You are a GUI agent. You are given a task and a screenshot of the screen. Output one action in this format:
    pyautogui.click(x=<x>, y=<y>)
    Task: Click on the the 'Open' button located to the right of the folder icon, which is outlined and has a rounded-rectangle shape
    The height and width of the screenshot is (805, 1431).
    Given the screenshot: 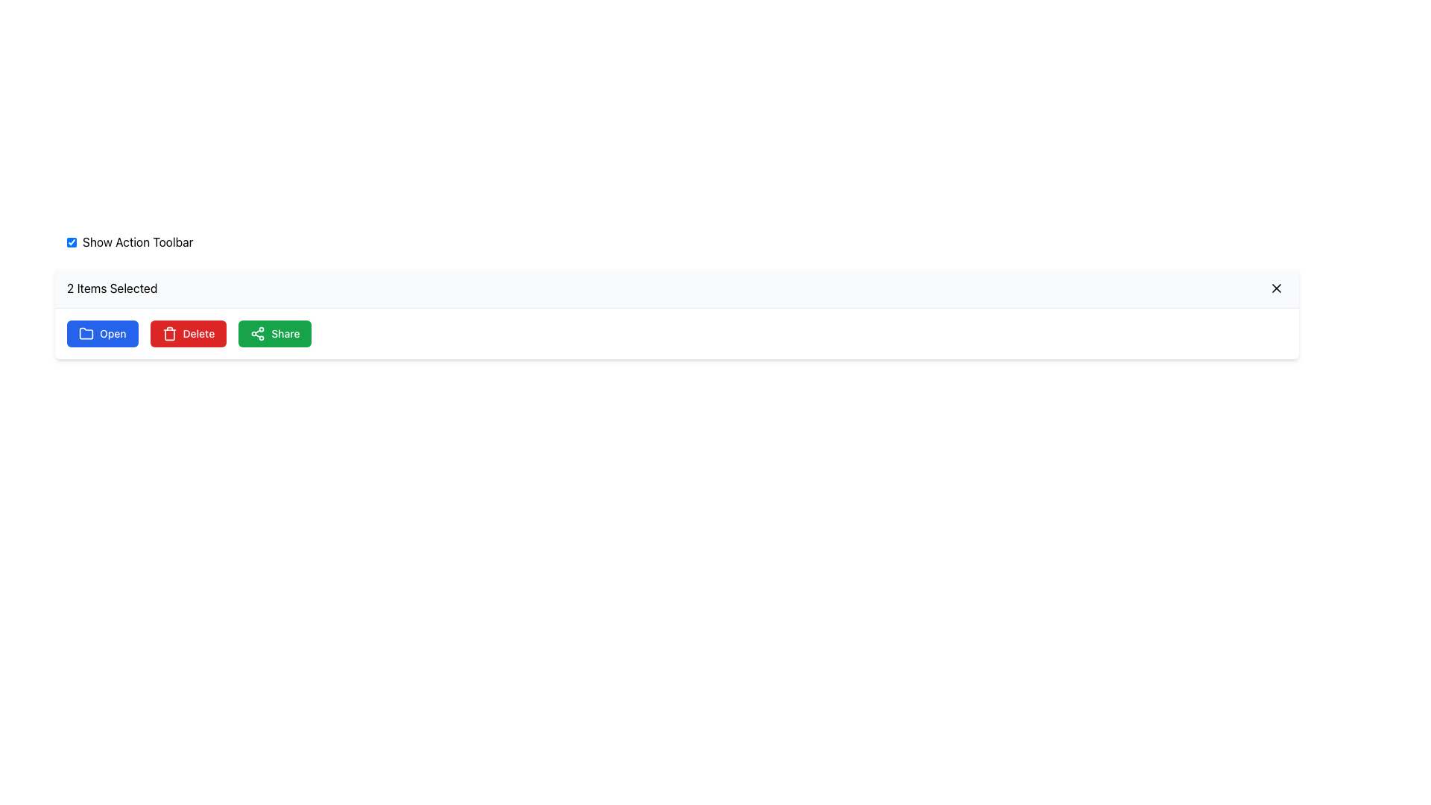 What is the action you would take?
    pyautogui.click(x=85, y=332)
    